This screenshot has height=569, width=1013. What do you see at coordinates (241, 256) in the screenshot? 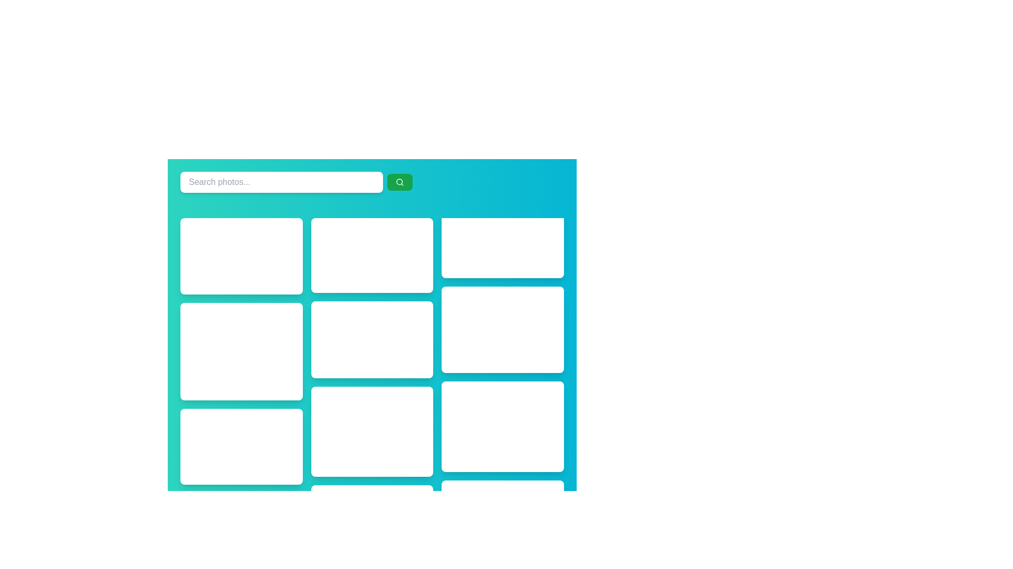
I see `the interactive card displaying 'Photo 1', located at the top-left position in the grid layout below the search bar` at bounding box center [241, 256].